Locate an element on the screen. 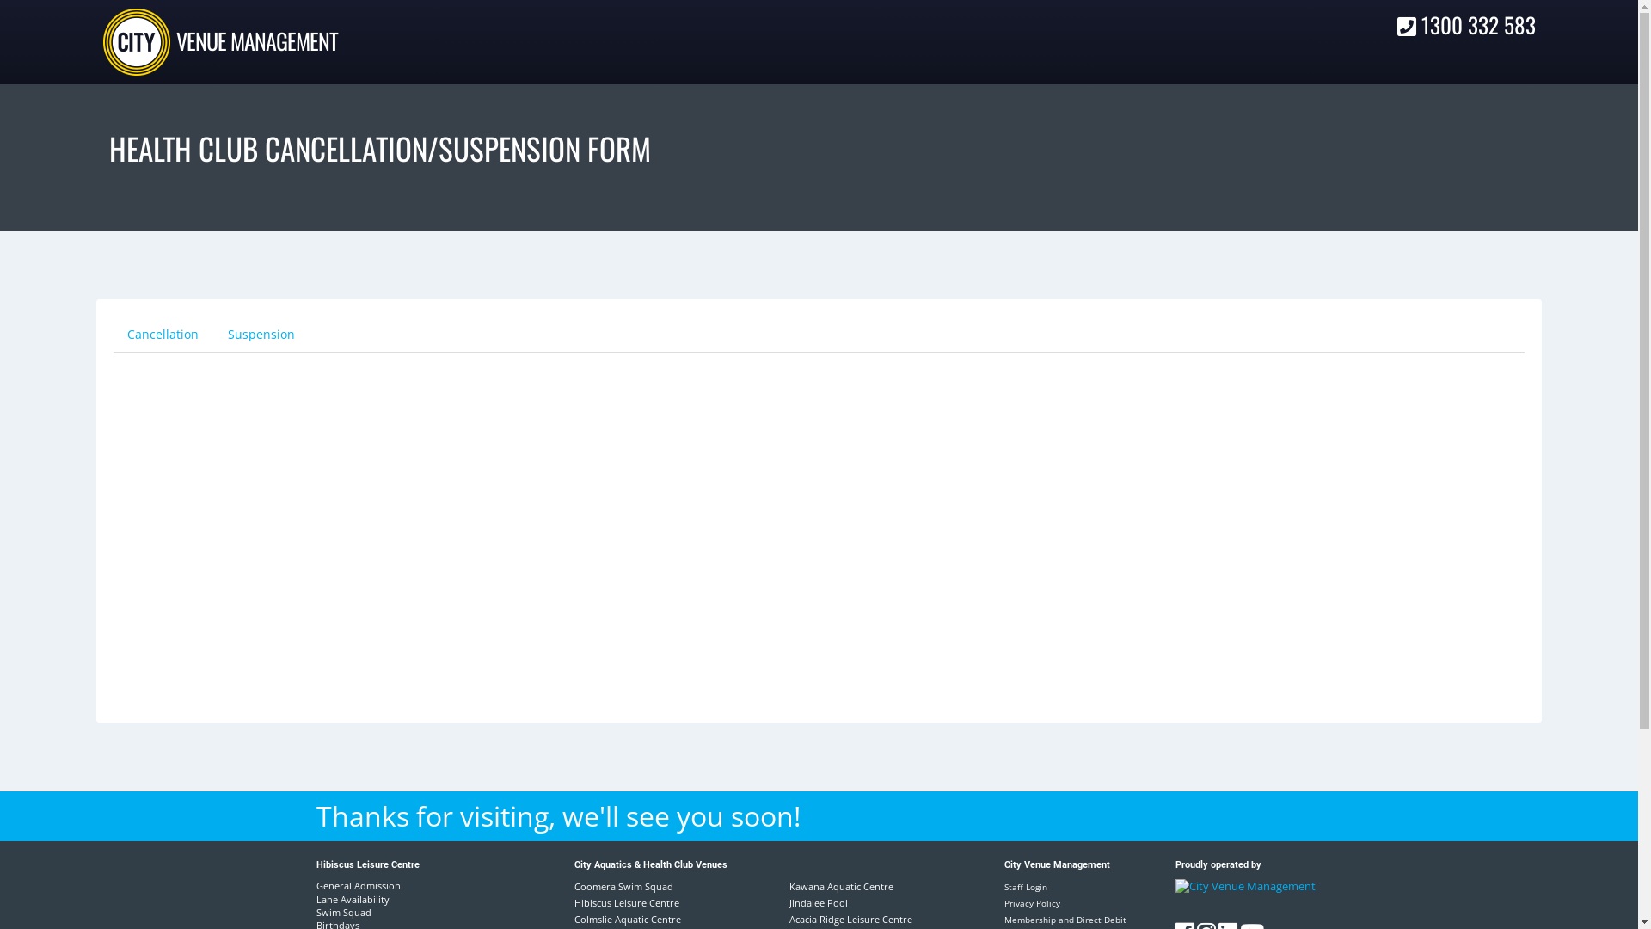 Image resolution: width=1651 pixels, height=929 pixels. 'Acacia Ridge Leisure Centre' is located at coordinates (850, 918).